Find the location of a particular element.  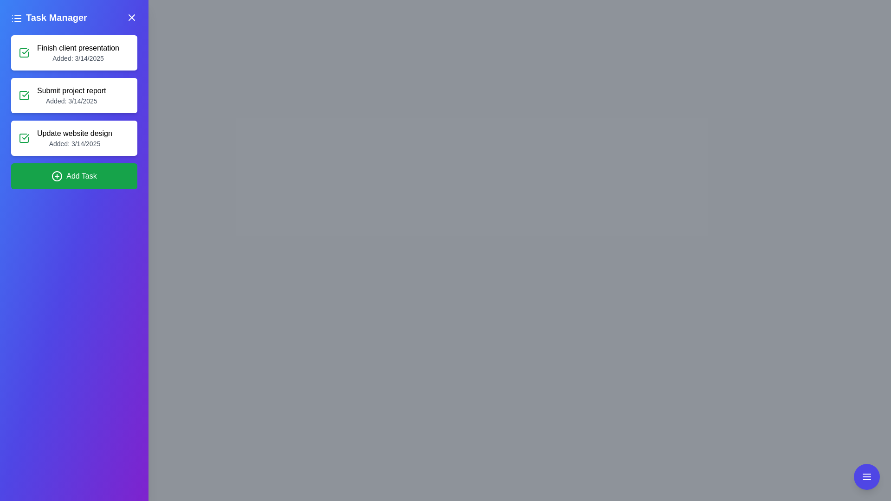

the 'Add Task' button, which is a green rectangular button containing an icon for adding a new task, located at the bottom of the list section is located at coordinates (57, 176).